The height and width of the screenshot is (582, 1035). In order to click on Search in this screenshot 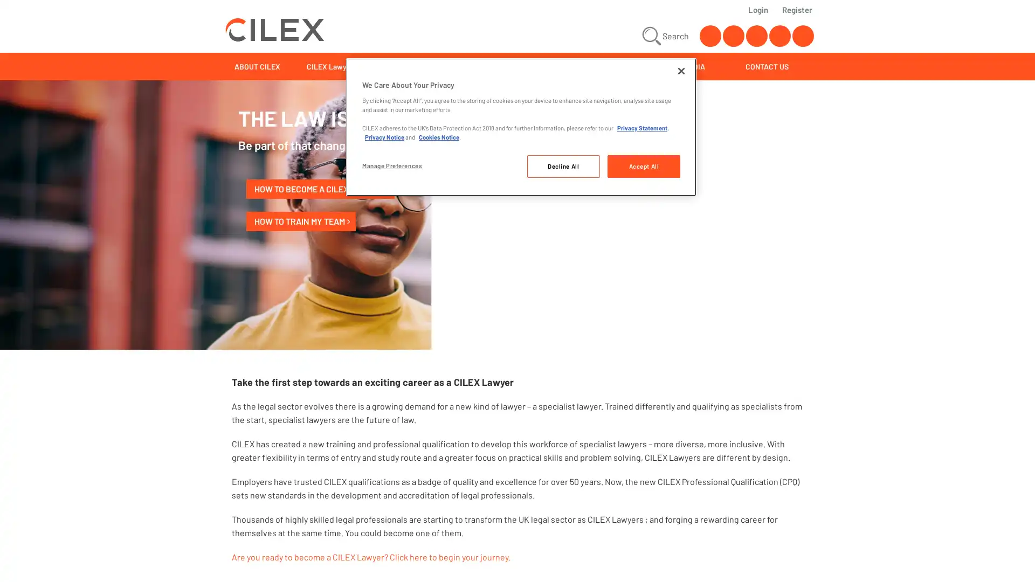, I will do `click(664, 35)`.